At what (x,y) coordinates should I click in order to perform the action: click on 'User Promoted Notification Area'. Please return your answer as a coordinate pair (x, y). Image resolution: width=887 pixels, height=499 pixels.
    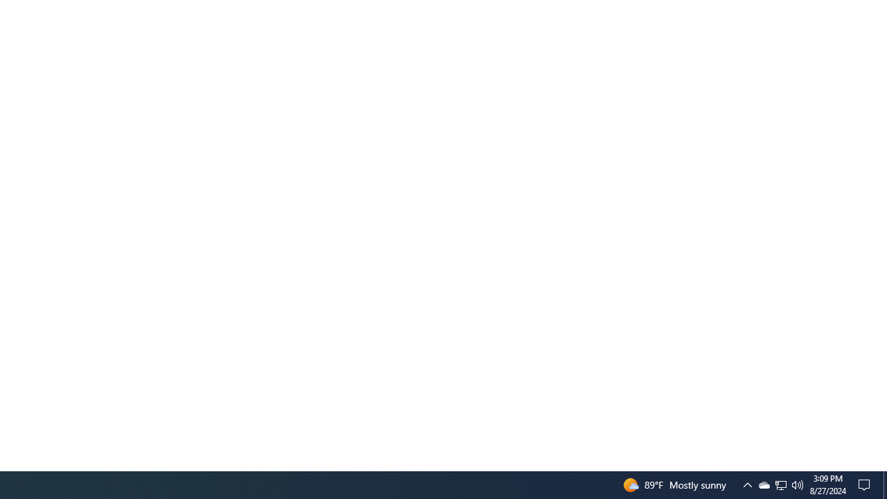
    Looking at the image, I should click on (763, 484).